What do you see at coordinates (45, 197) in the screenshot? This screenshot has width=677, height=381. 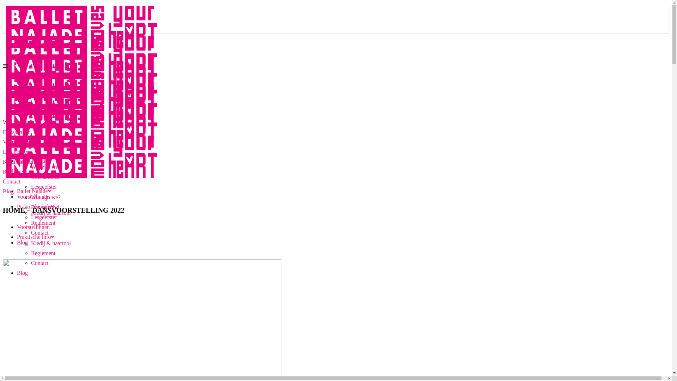 I see `'Wie zijn we?'` at bounding box center [45, 197].